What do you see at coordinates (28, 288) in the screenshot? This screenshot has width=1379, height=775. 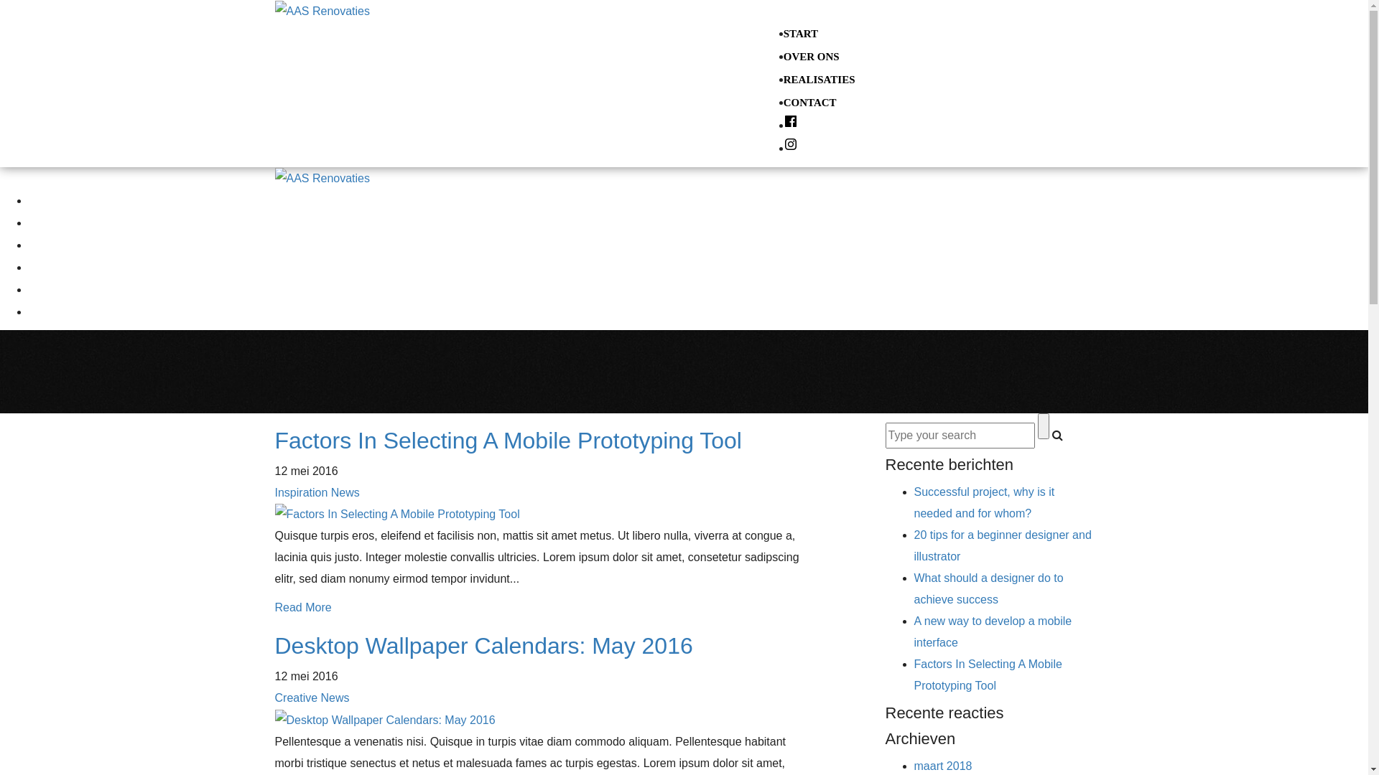 I see `'Facebook'` at bounding box center [28, 288].